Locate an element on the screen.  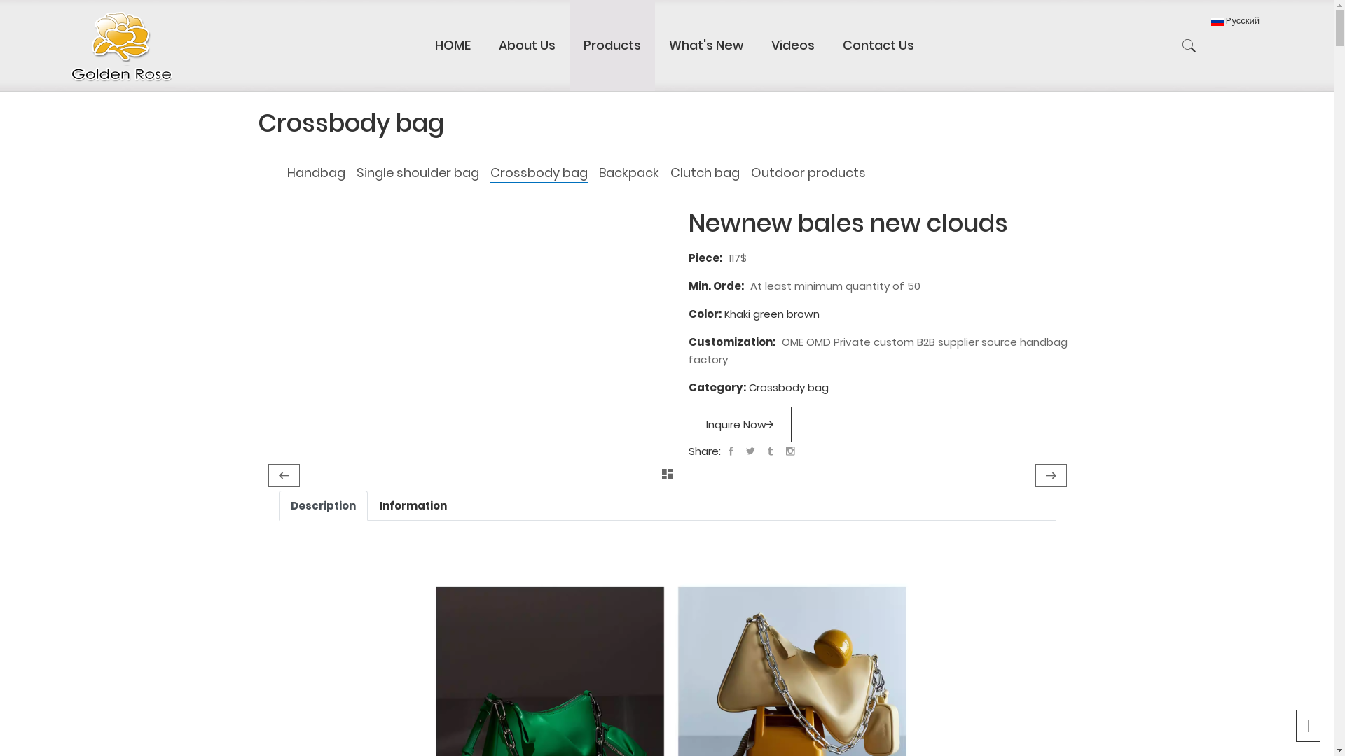
'Information' is located at coordinates (412, 505).